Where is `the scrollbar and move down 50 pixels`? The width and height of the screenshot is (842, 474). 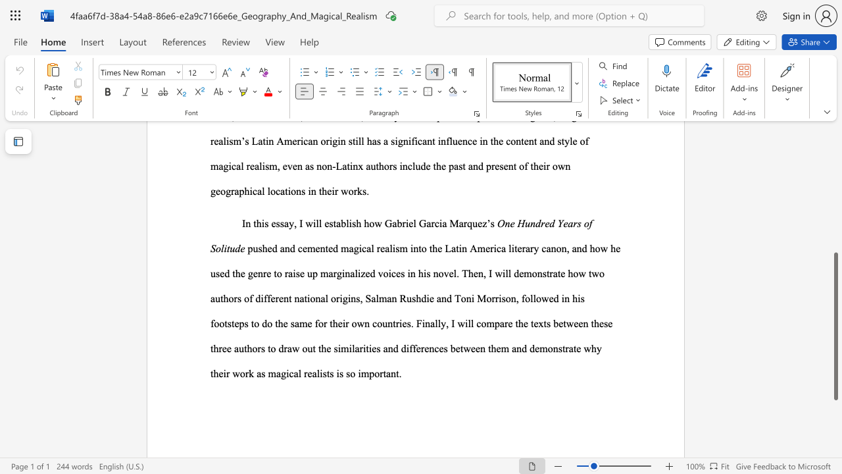
the scrollbar and move down 50 pixels is located at coordinates (835, 326).